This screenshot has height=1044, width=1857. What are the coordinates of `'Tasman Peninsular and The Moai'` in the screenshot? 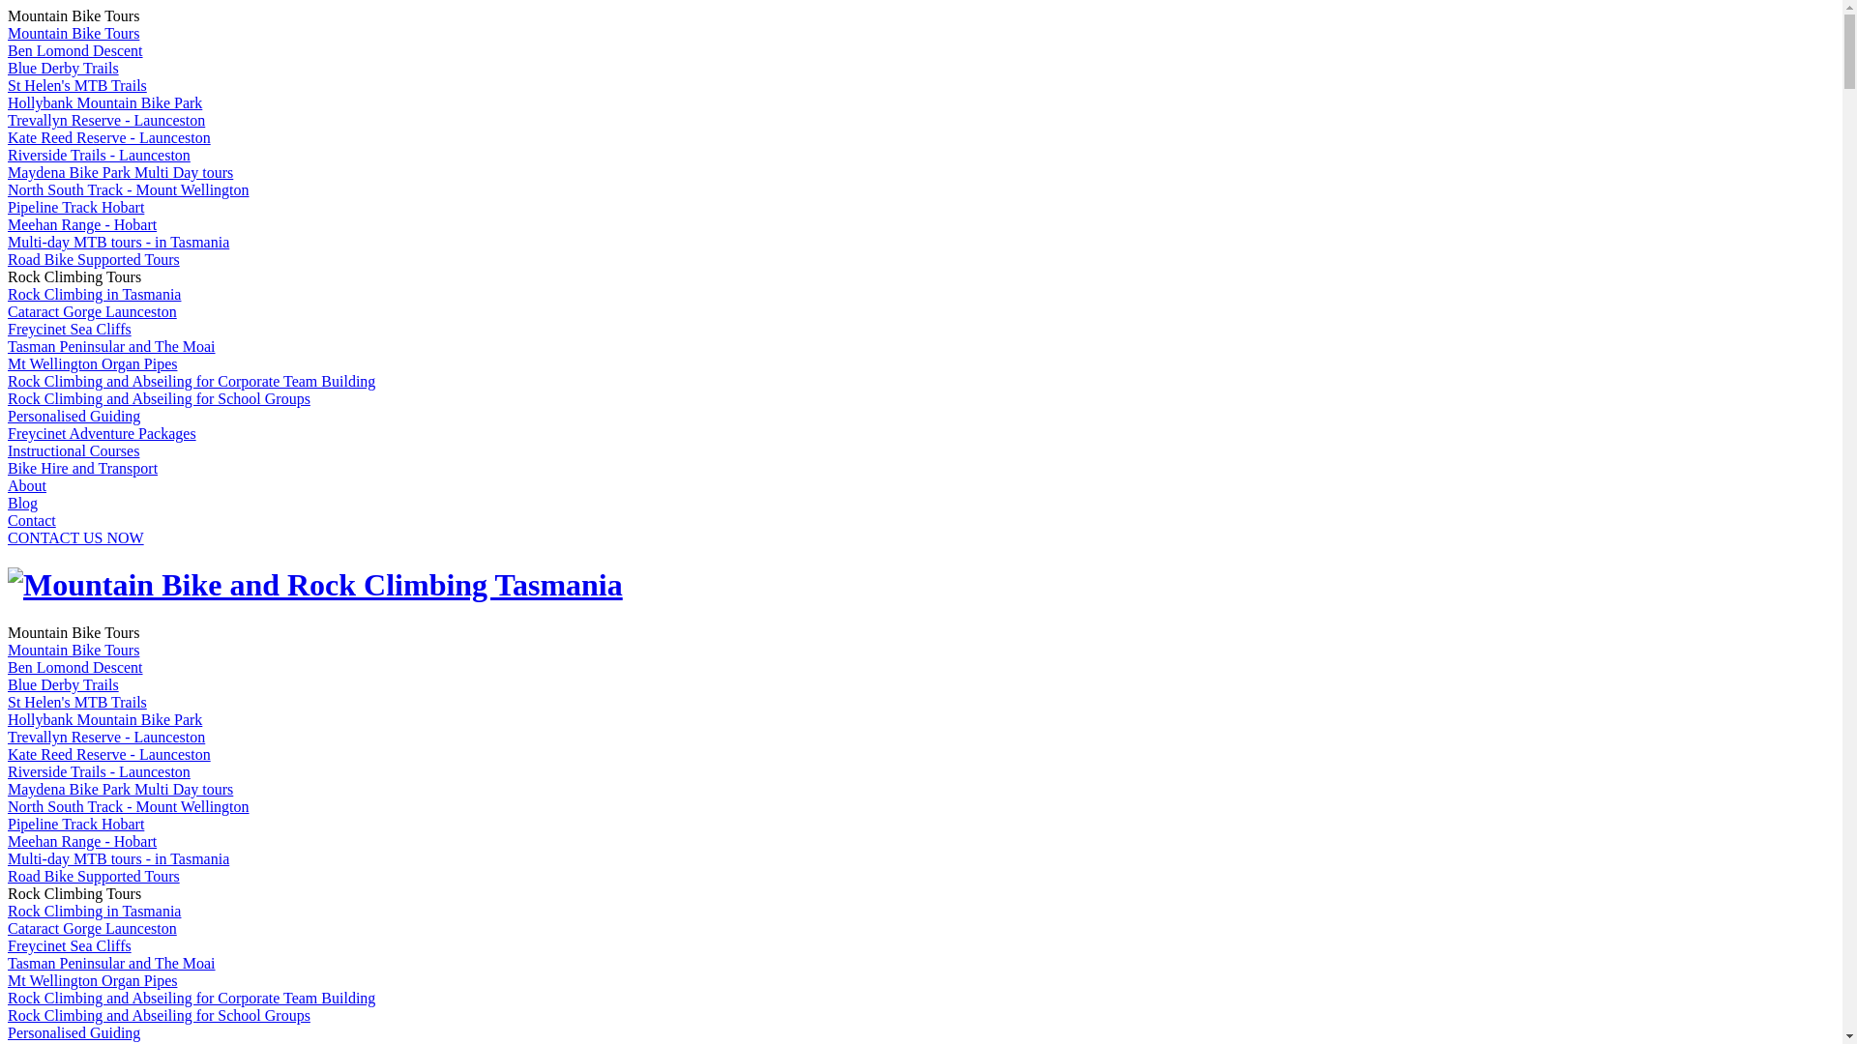 It's located at (110, 345).